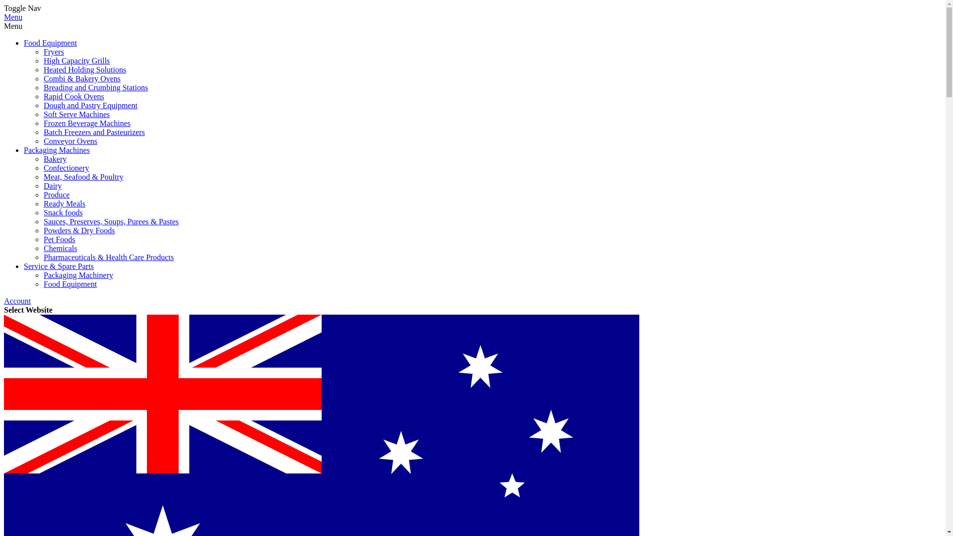 The height and width of the screenshot is (536, 953). What do you see at coordinates (50, 42) in the screenshot?
I see `'Food Equipment'` at bounding box center [50, 42].